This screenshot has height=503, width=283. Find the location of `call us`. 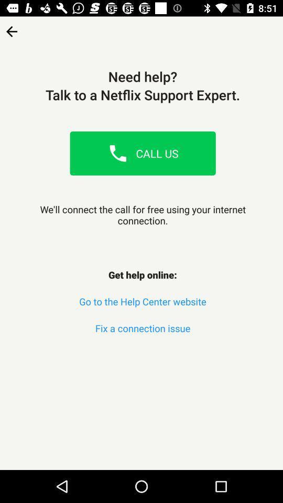

call us is located at coordinates (117, 152).